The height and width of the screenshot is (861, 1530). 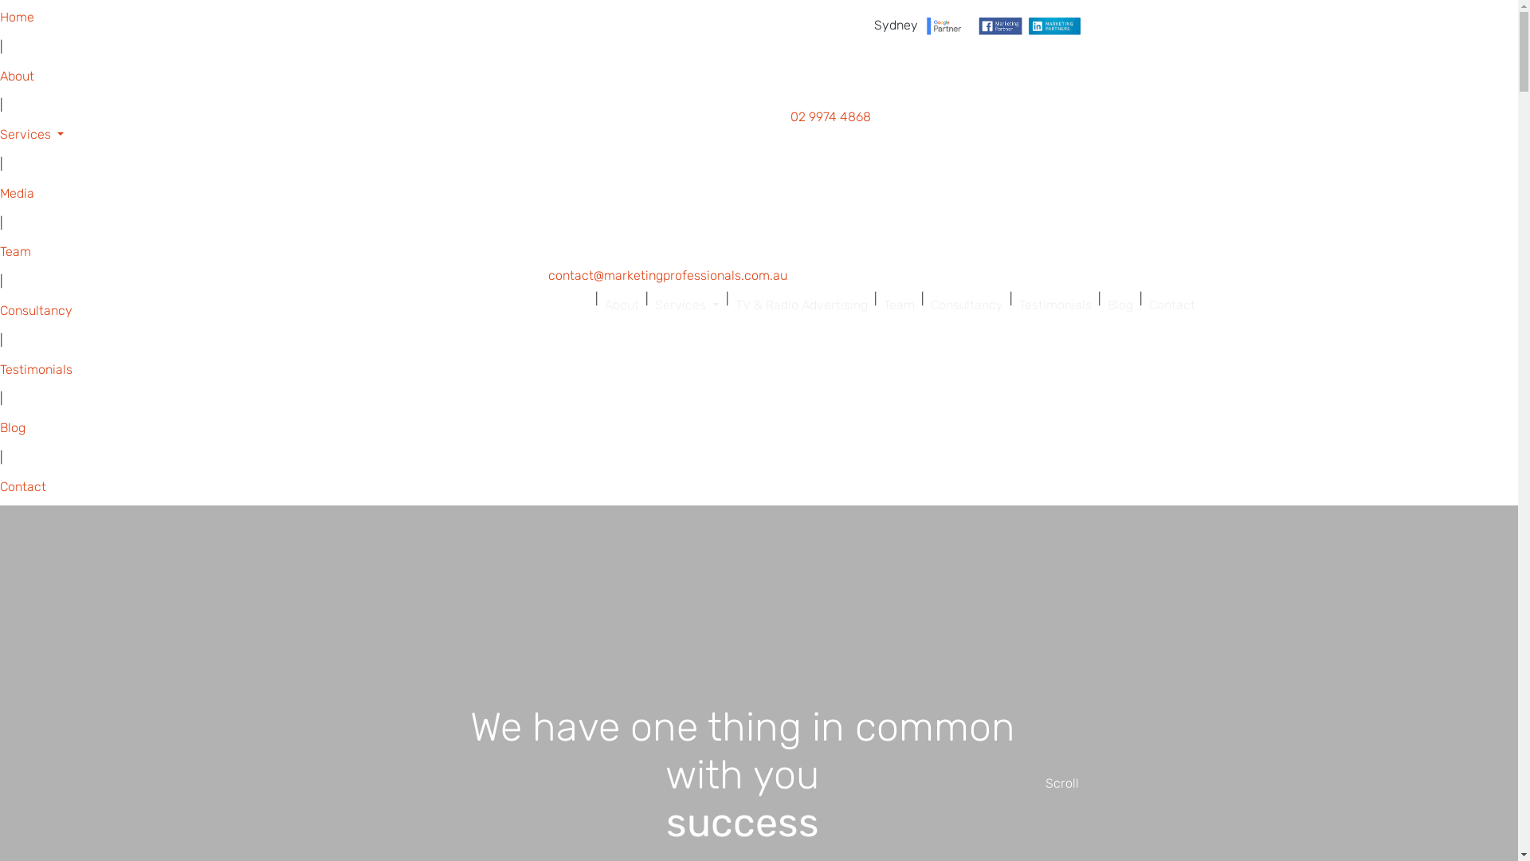 I want to click on 'Contact', so click(x=1171, y=305).